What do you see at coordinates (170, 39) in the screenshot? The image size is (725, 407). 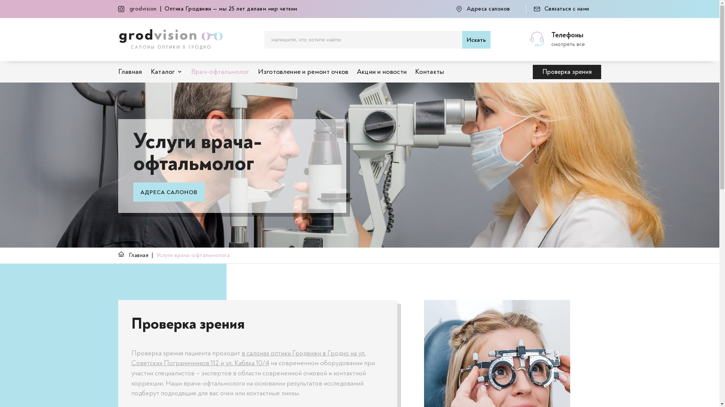 I see `'logo_grodvision'` at bounding box center [170, 39].